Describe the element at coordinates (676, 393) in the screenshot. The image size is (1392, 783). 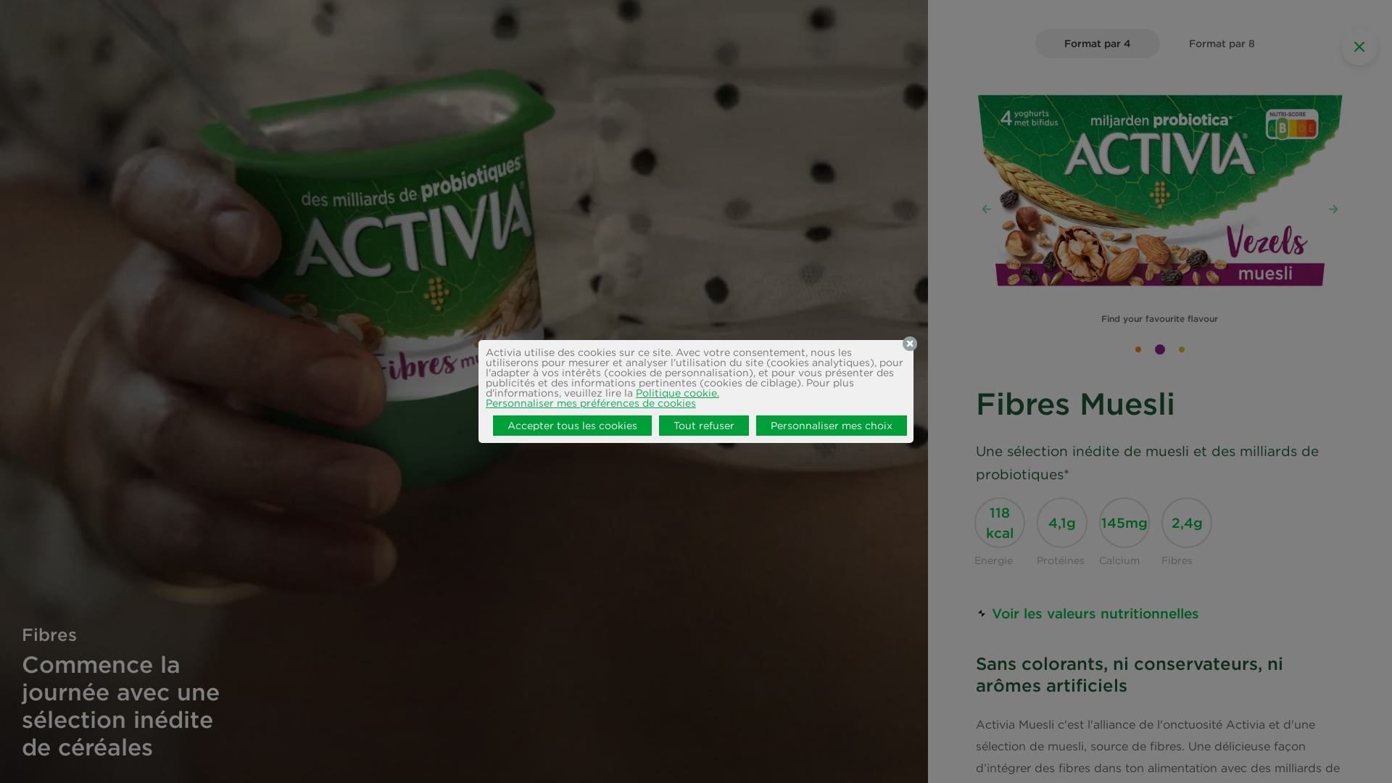
I see `'Politique cookie.'` at that location.